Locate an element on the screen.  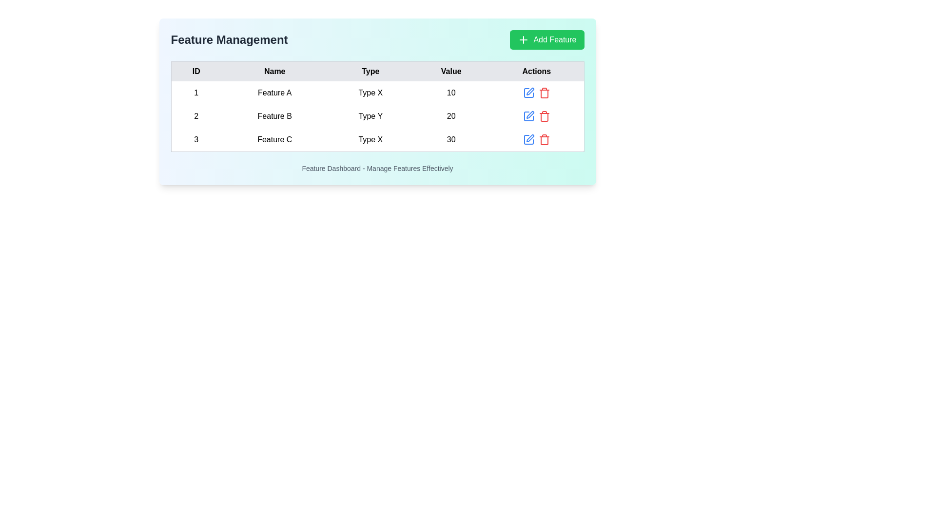
the 'Actions' text label, which is the last column header of the table, displayed in bold black text on a light gray background is located at coordinates (536, 71).